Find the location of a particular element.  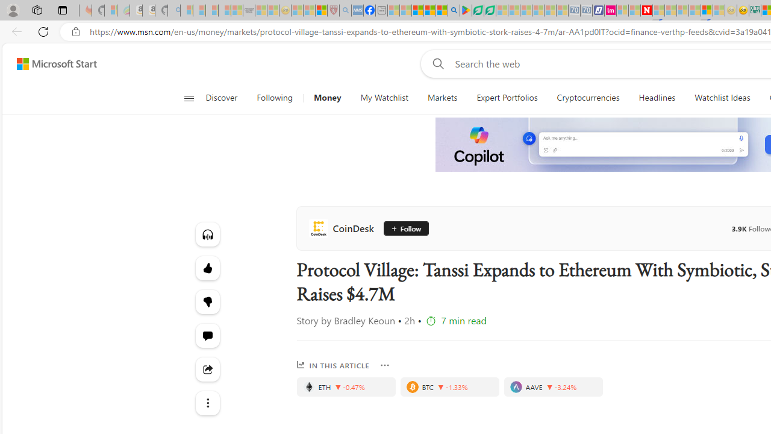

'CoinDesk' is located at coordinates (343, 228).